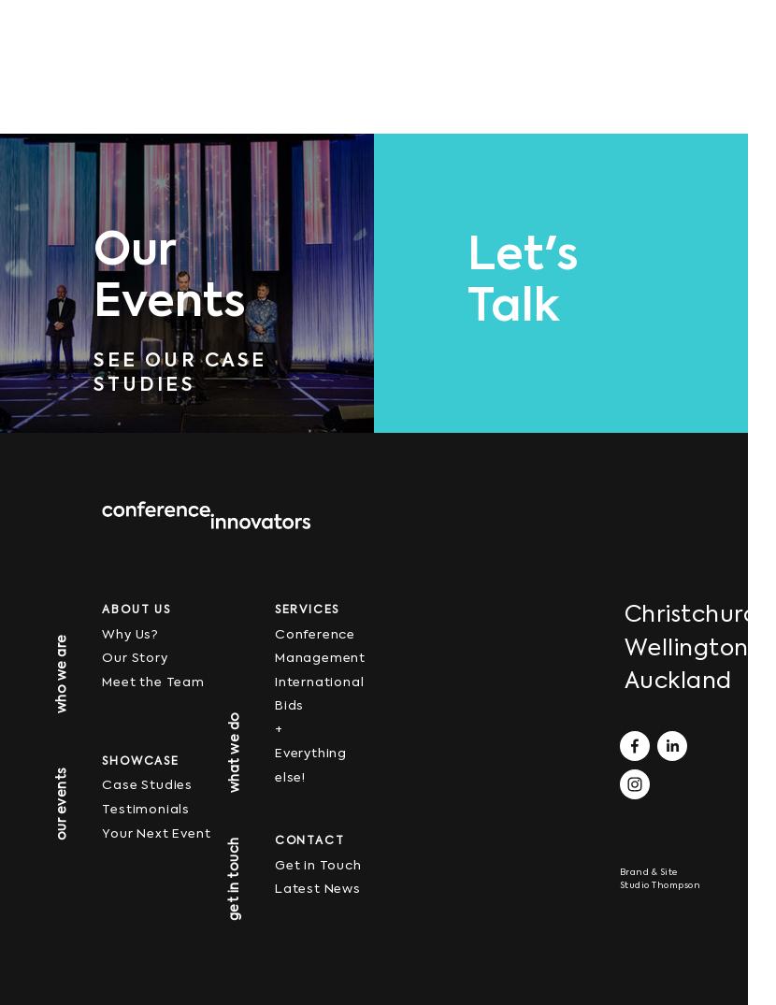  What do you see at coordinates (146, 785) in the screenshot?
I see `'Case Studies'` at bounding box center [146, 785].